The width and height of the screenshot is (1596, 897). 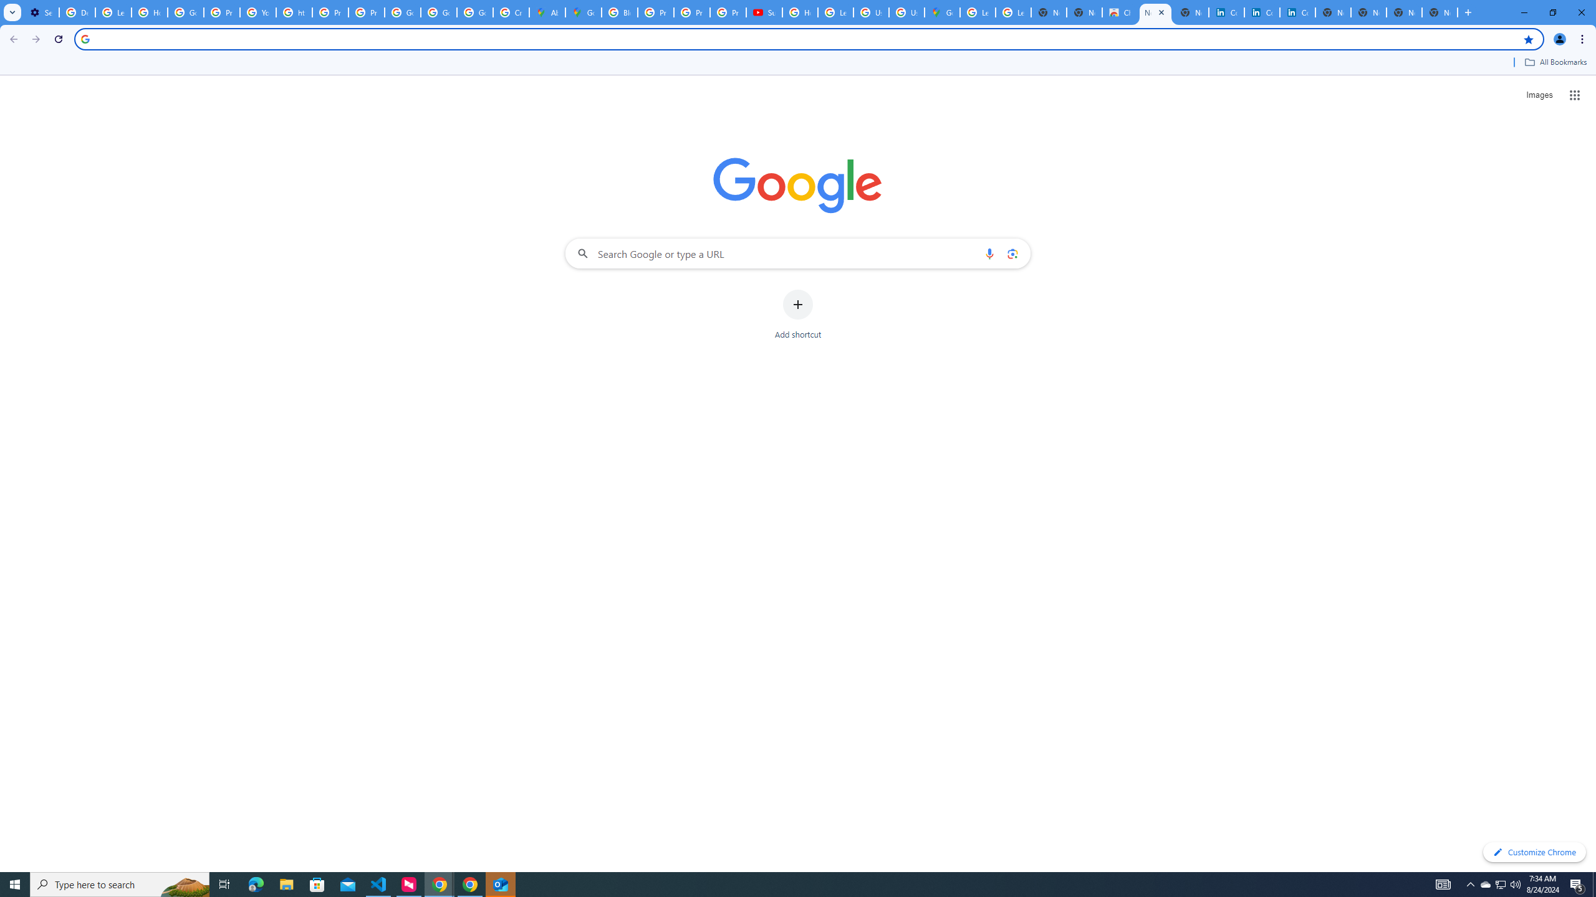 I want to click on 'All Bookmarks', so click(x=1555, y=62).